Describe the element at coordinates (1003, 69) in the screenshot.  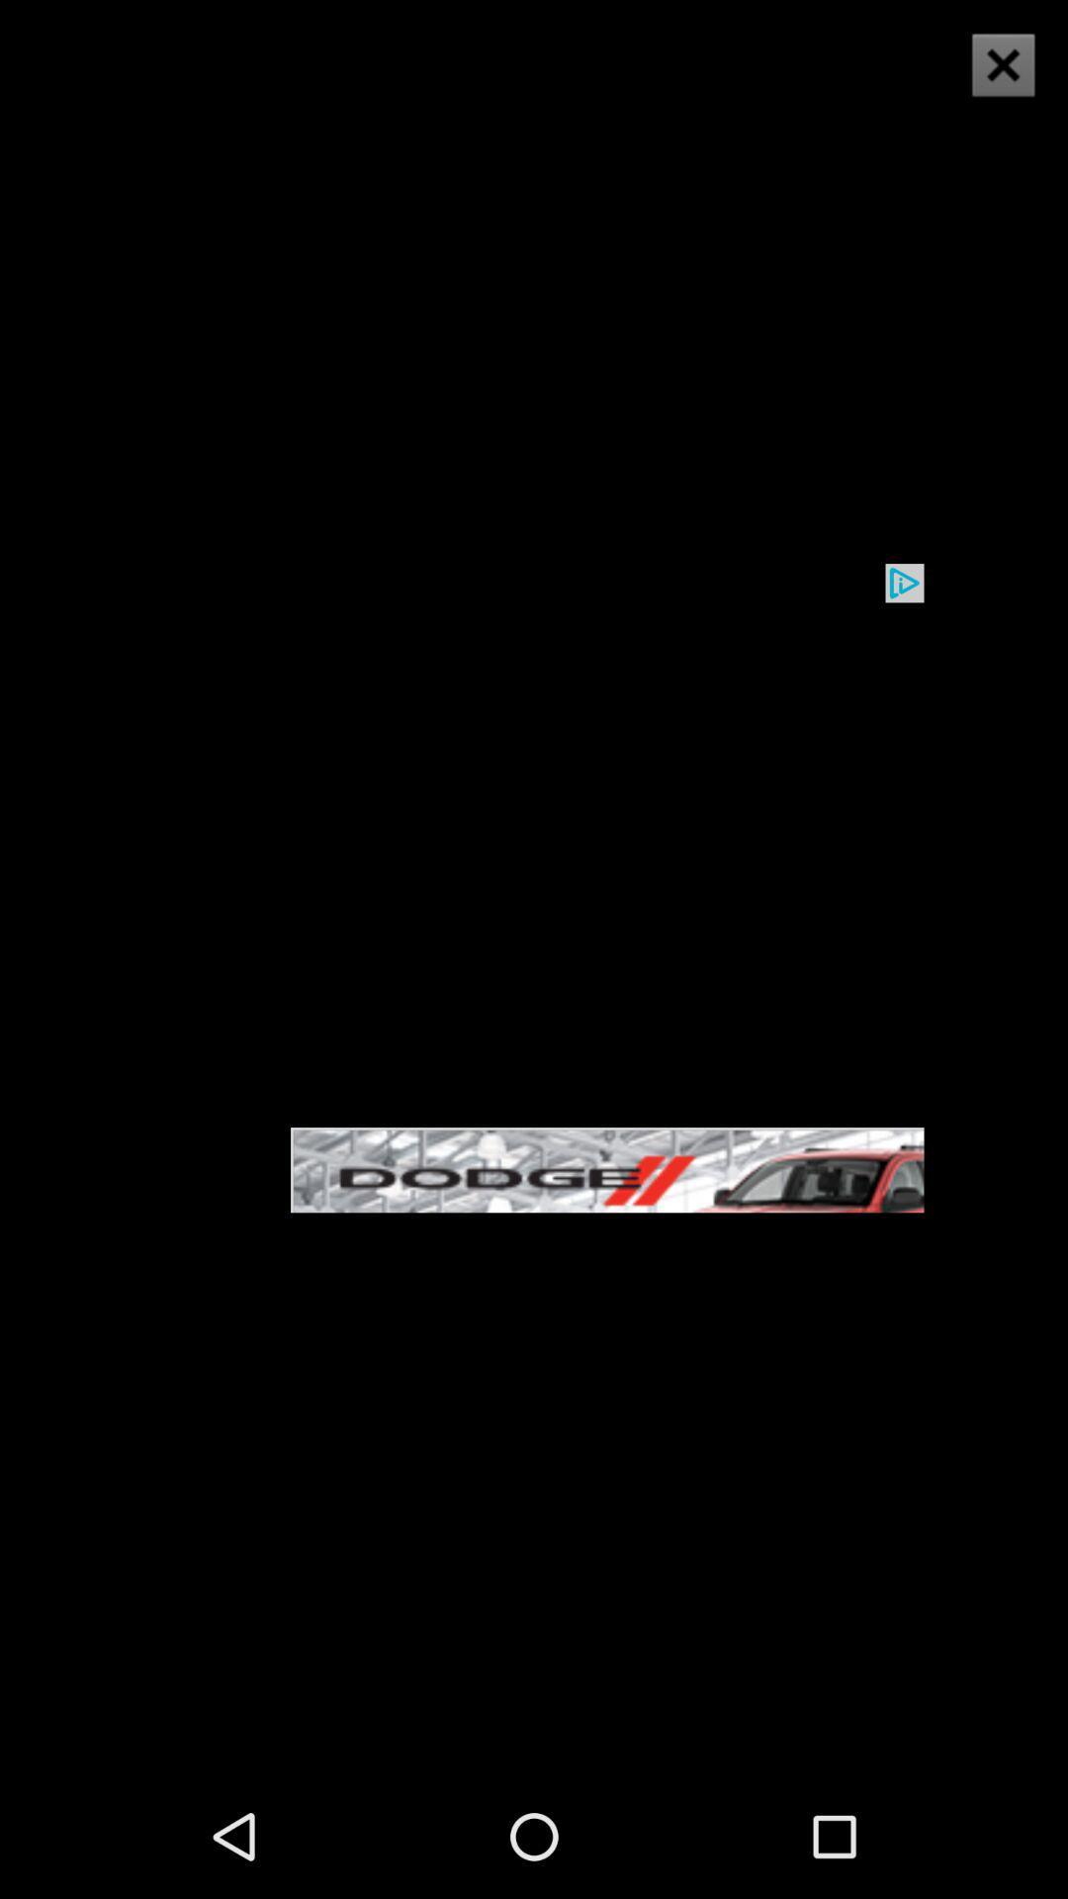
I see `the close icon` at that location.